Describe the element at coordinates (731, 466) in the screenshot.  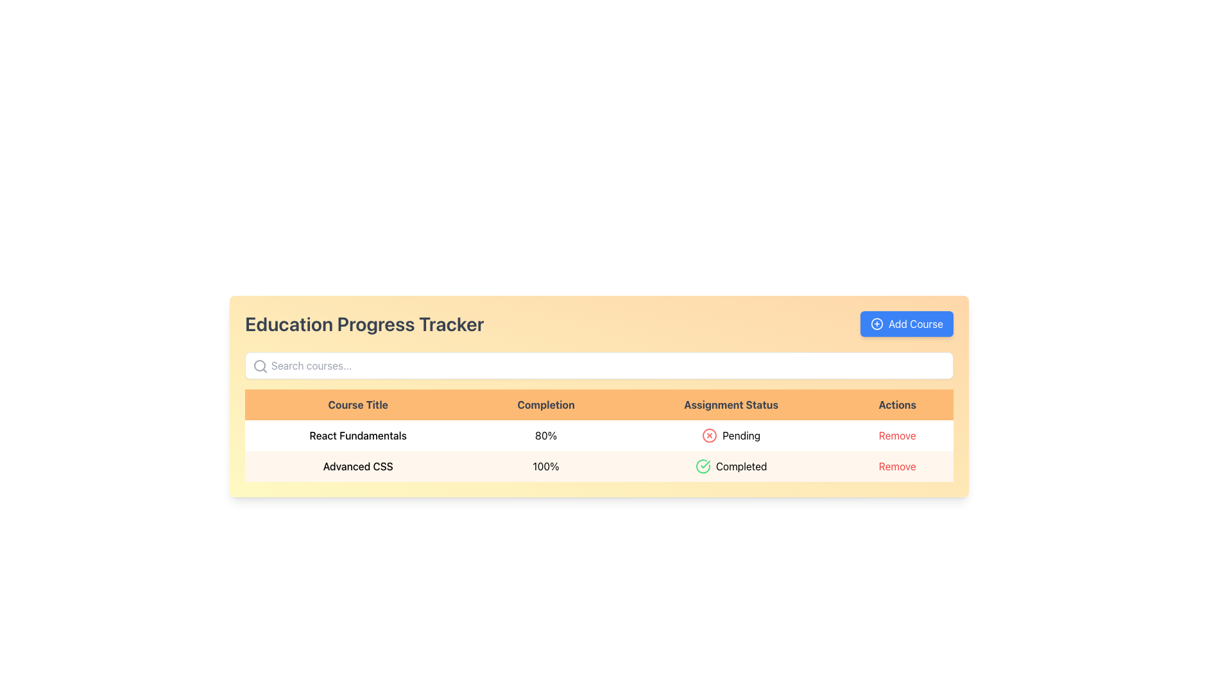
I see `the static text label indicating the completion status of the 'Advanced CSS' course assignment in the 'Education Progress Tracker' table` at that location.